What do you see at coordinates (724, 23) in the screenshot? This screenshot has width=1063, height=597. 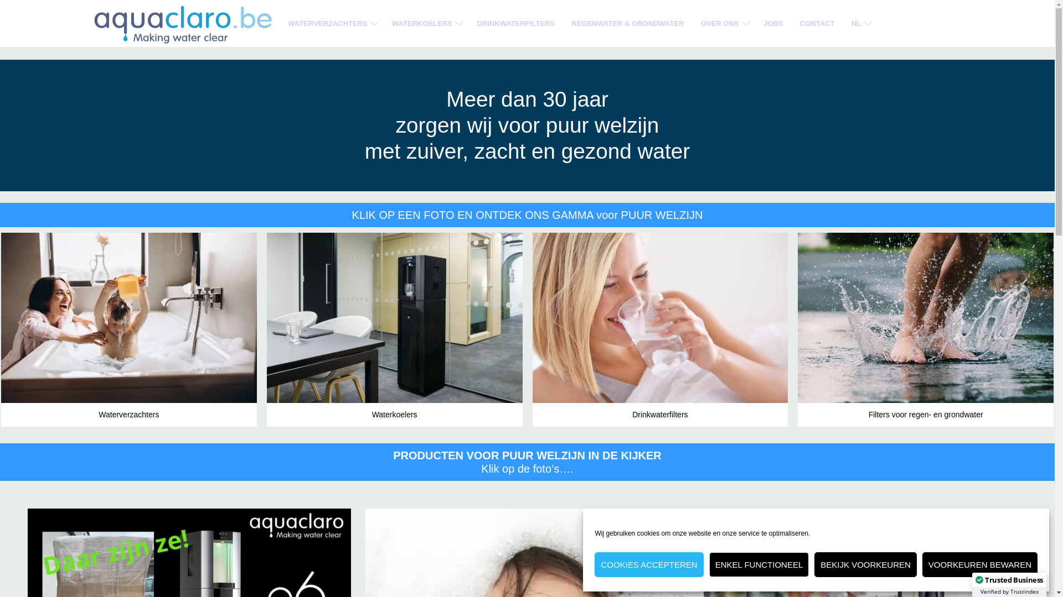 I see `'OVER ONS` at bounding box center [724, 23].